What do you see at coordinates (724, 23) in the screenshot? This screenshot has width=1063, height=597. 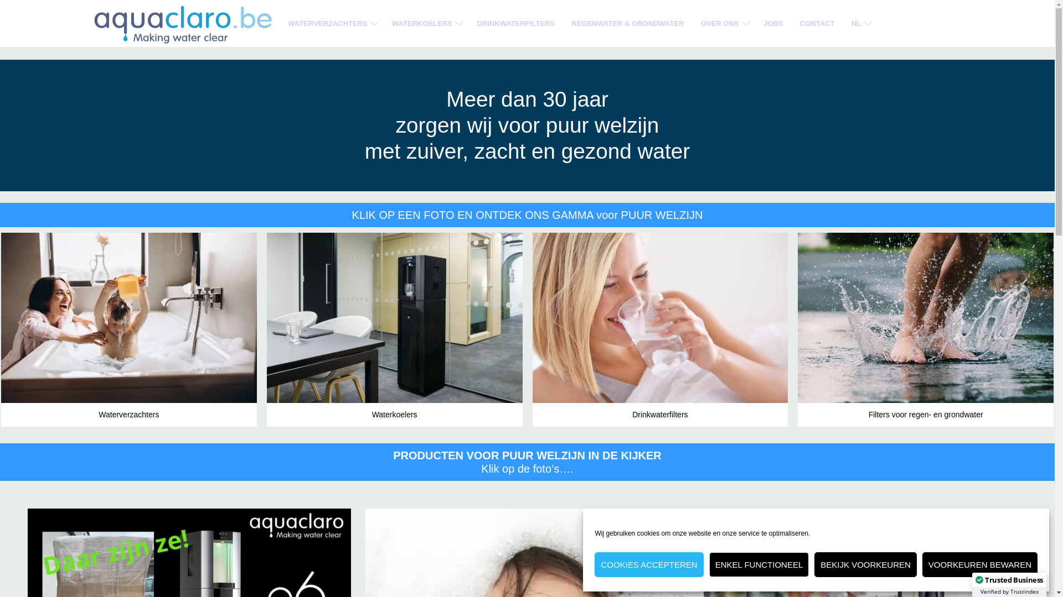 I see `'OVER ONS` at bounding box center [724, 23].